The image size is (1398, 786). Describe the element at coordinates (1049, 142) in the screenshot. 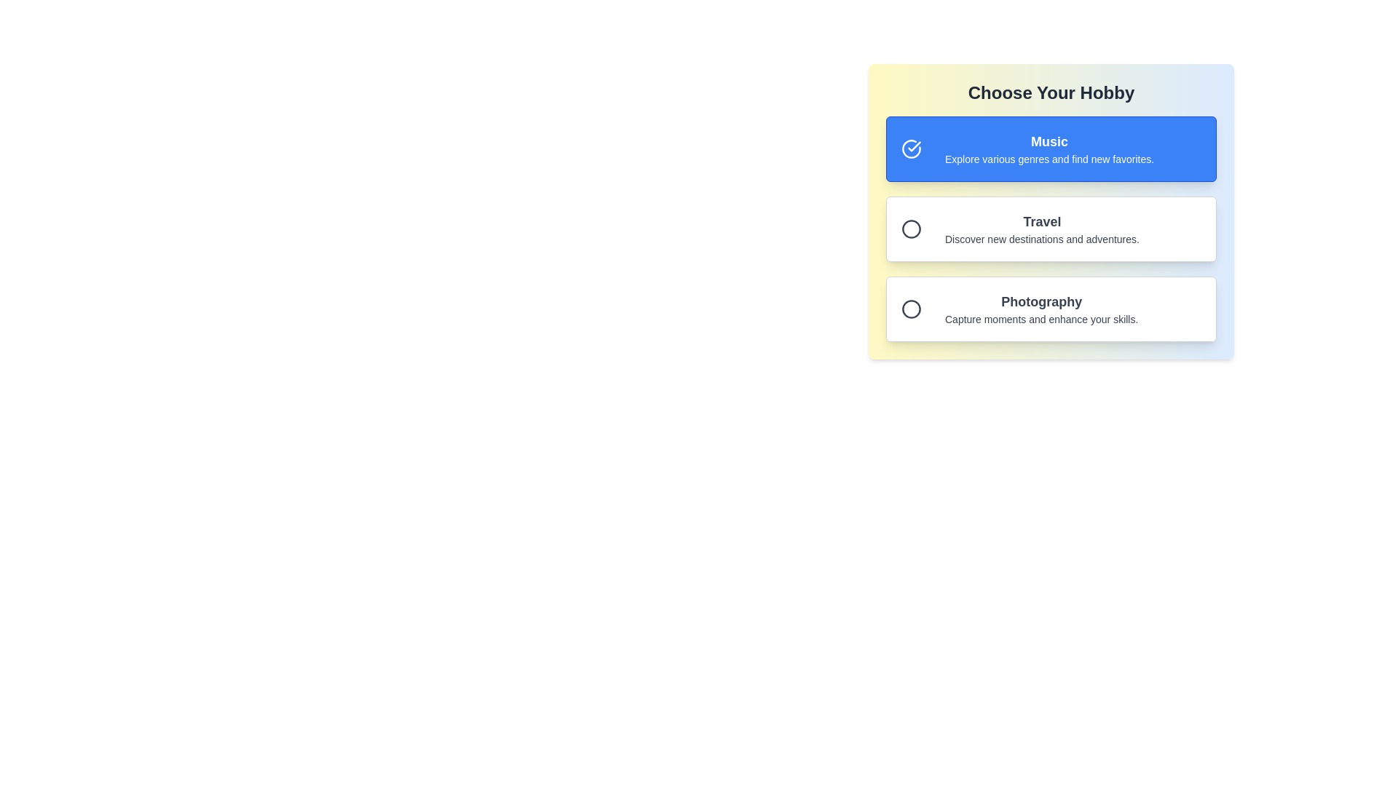

I see `text element that serves as the title for the 'Music' selection option in the hobby selector, located centrally within a blue background rectangle at the top of the list` at that location.